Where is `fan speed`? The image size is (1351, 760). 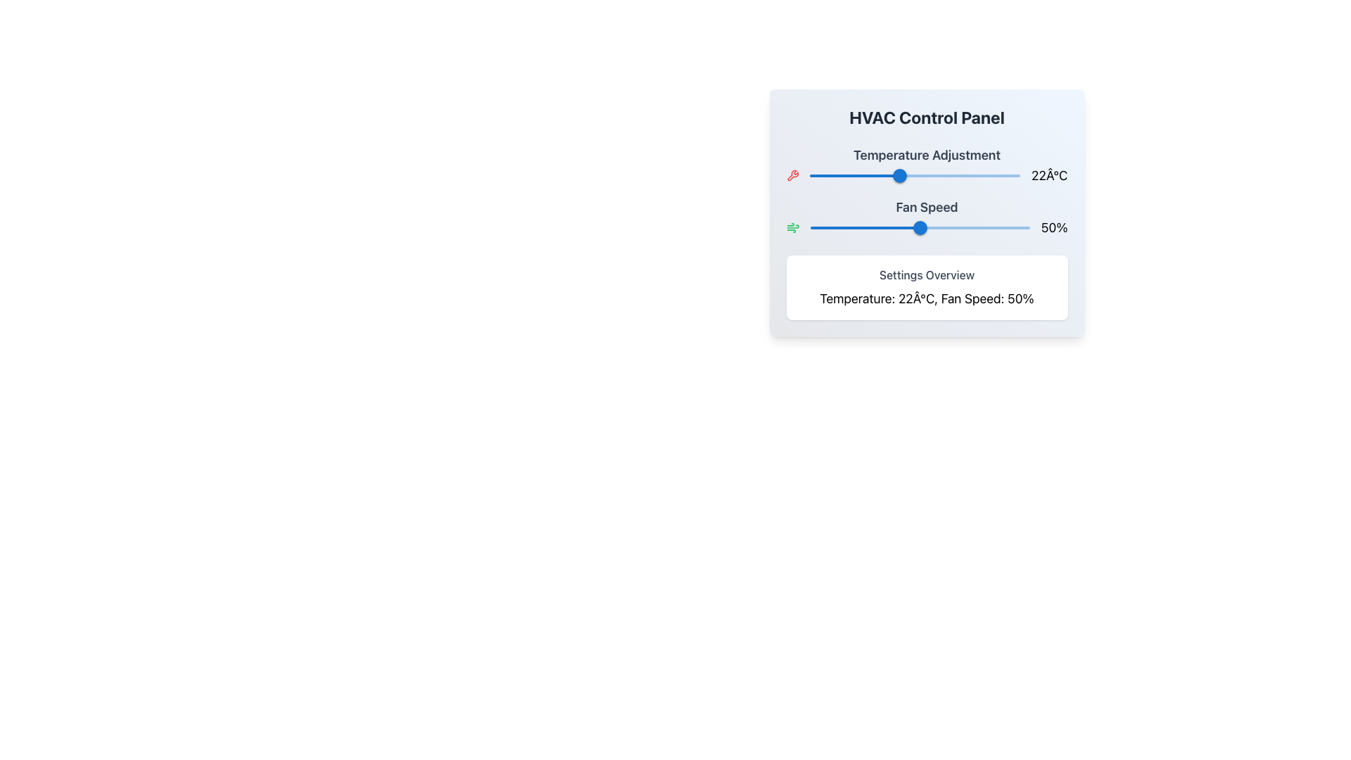 fan speed is located at coordinates (819, 227).